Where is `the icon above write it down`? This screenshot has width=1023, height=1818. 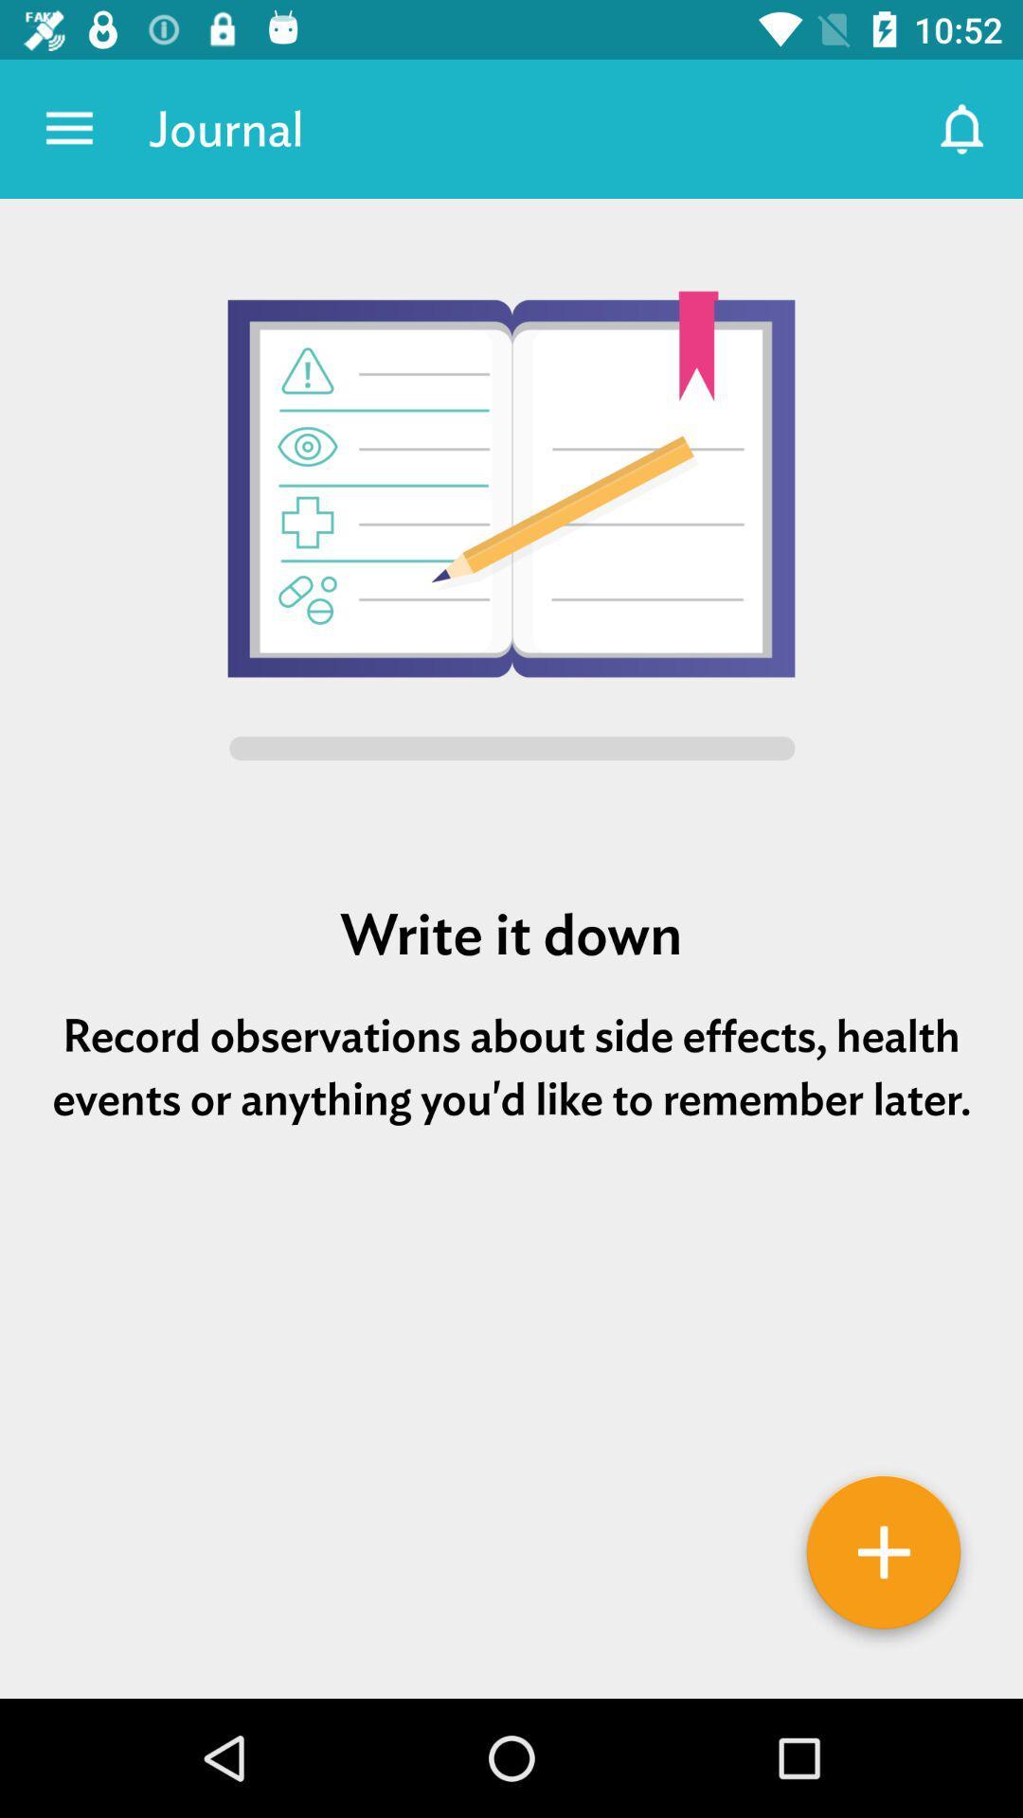 the icon above write it down is located at coordinates (511, 529).